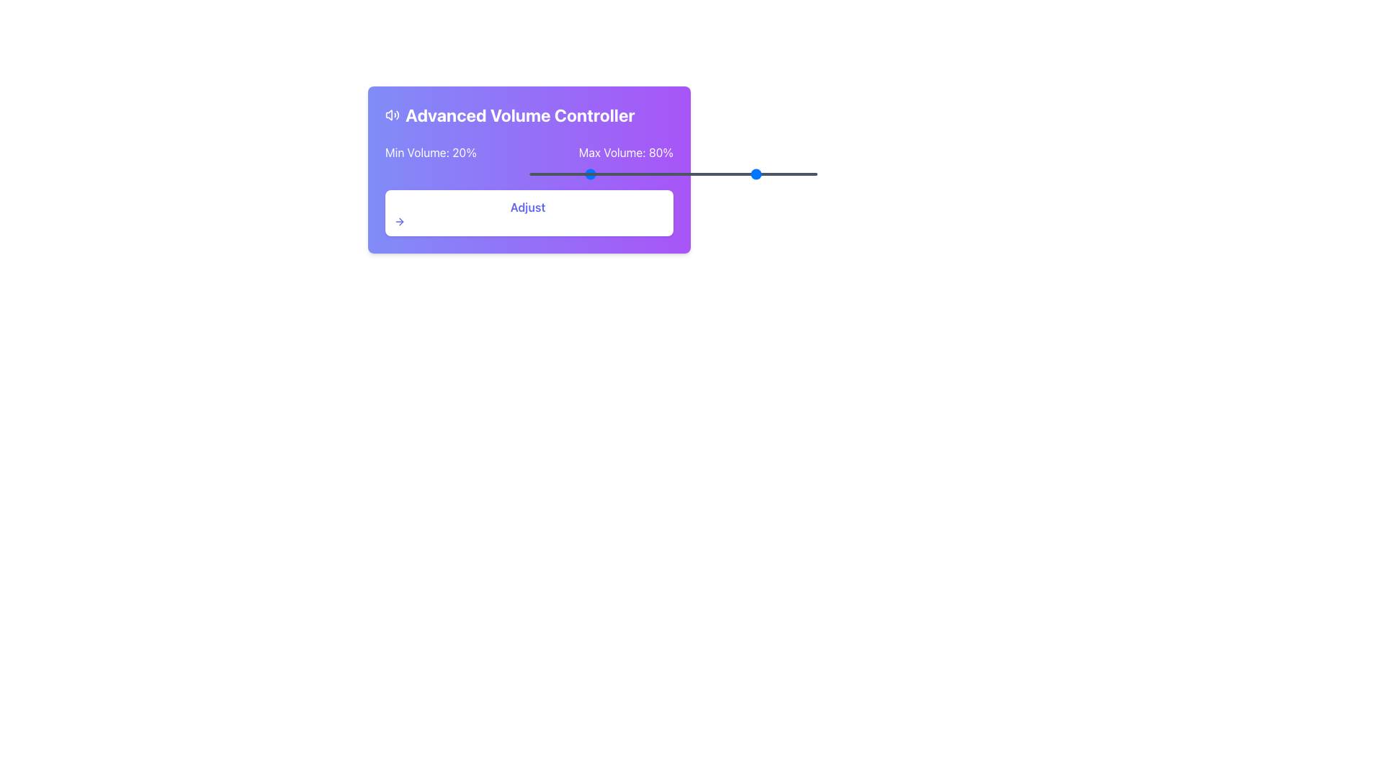 The height and width of the screenshot is (778, 1383). Describe the element at coordinates (557, 174) in the screenshot. I see `the slider` at that location.